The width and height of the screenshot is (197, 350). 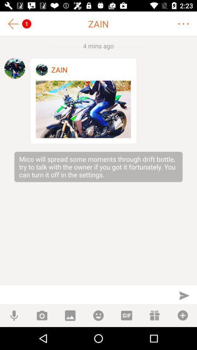 I want to click on open image, so click(x=83, y=109).